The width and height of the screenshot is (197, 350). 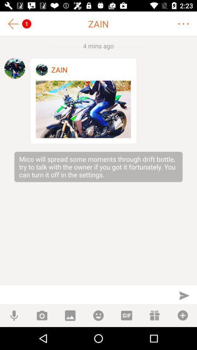 I want to click on open image, so click(x=83, y=109).